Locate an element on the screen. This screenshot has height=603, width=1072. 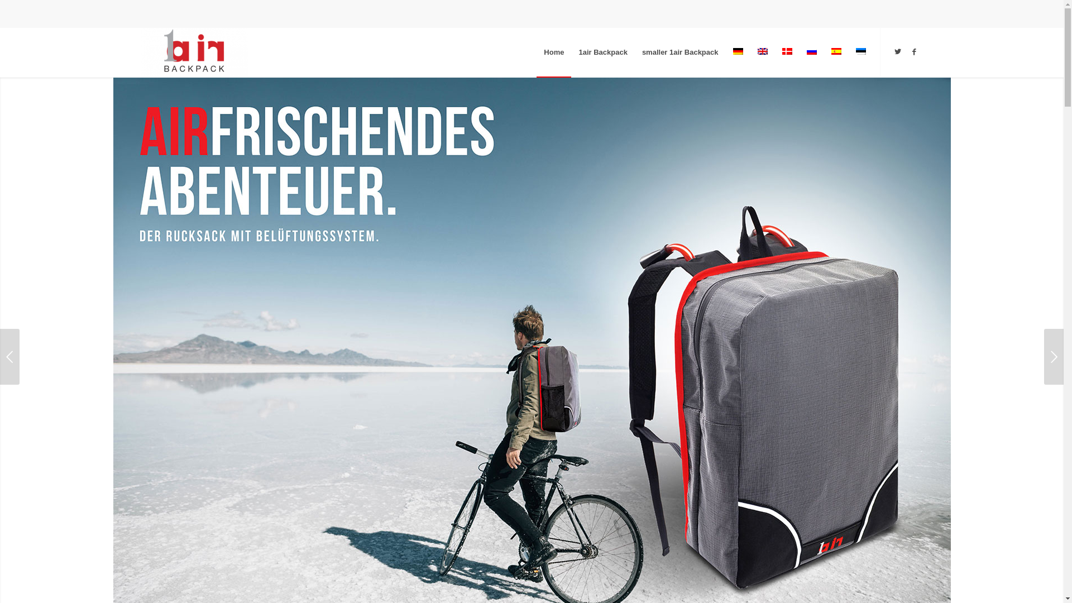
'English' is located at coordinates (761, 51).